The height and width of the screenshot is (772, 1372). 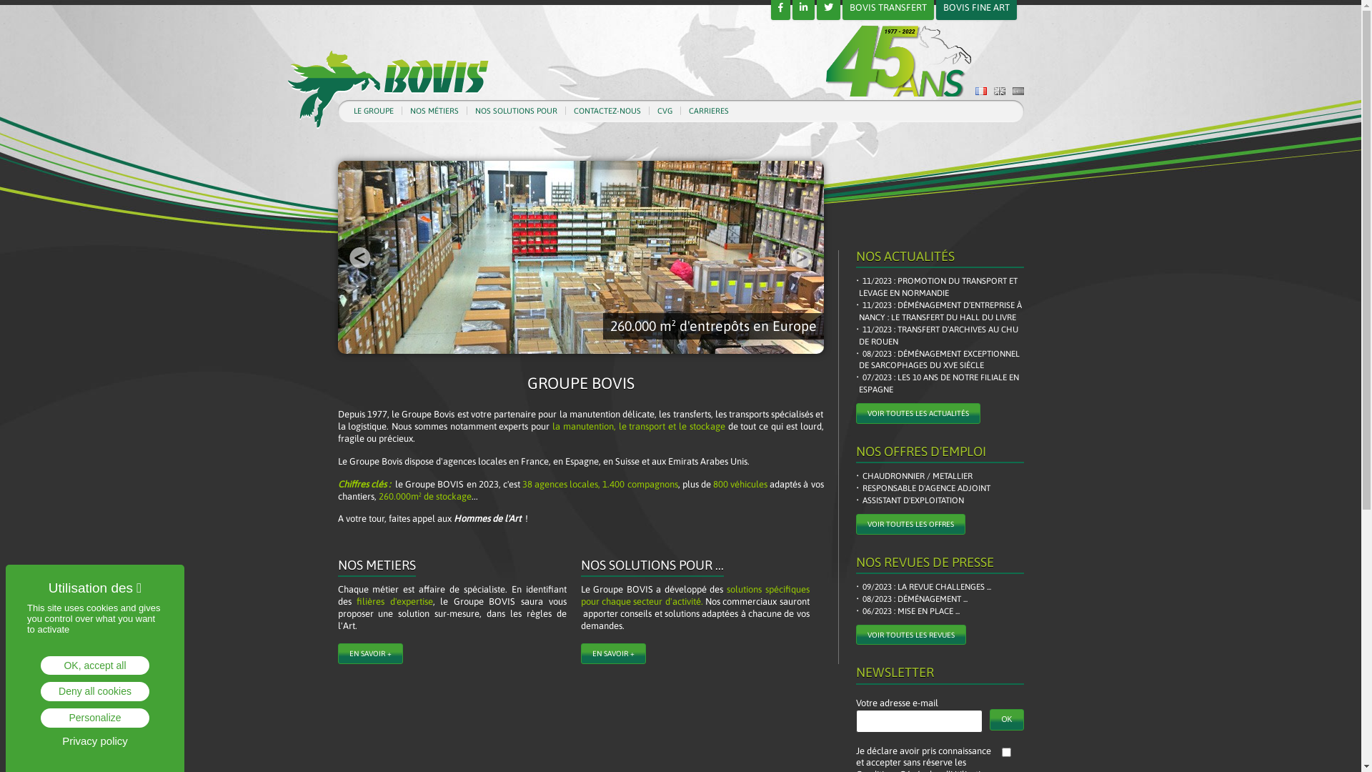 I want to click on 'RESPONSABLE D'AGENCE ADJOINT', so click(x=925, y=488).